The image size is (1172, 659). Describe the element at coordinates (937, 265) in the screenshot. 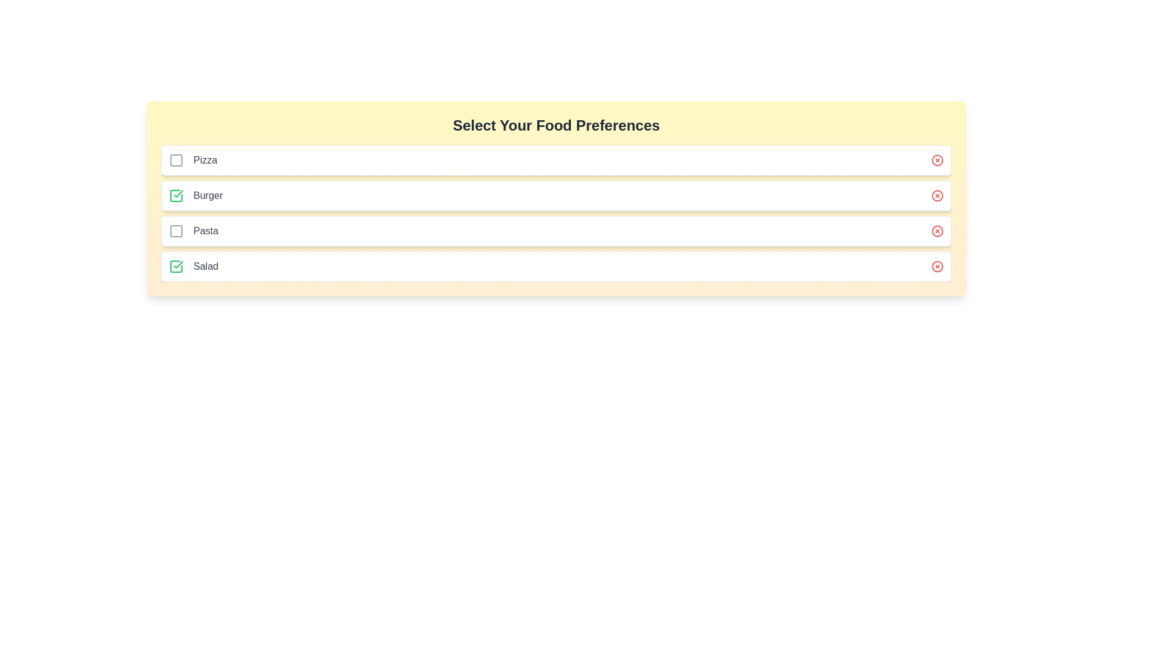

I see `the red circular icon with a white border and 'X' symbol, located at the end of the 'Salad' option in the food preference selection interface` at that location.